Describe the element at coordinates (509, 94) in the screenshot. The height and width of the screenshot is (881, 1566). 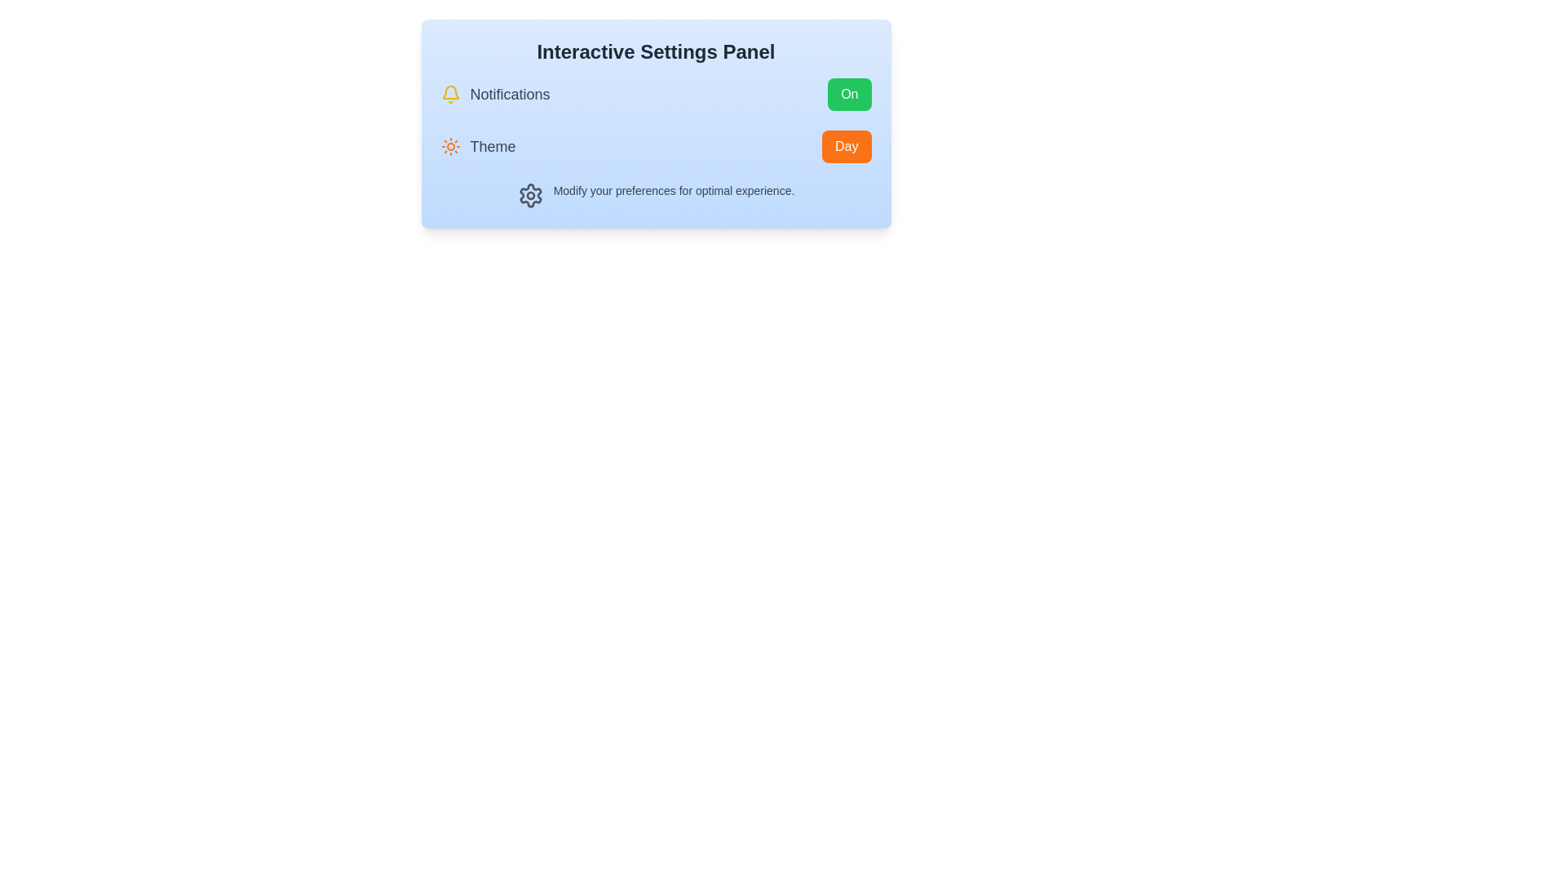
I see `the 'Notifications' text label, which is displayed in a medium gray bold font within a light blue panel, located to the right of a yellow bell icon` at that location.